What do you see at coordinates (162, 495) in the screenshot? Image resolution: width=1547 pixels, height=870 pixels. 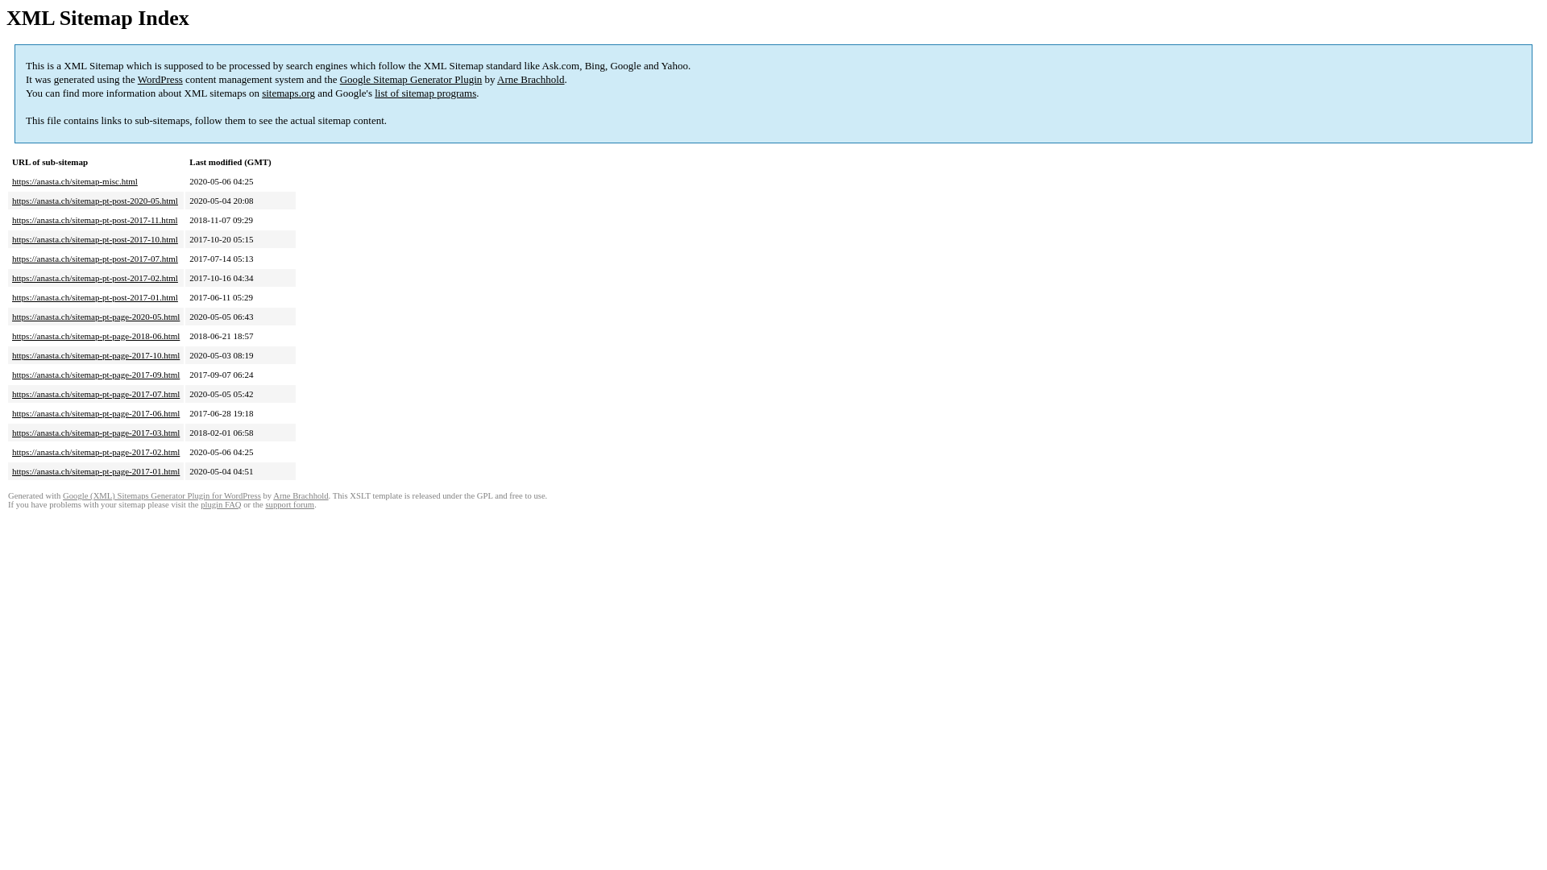 I see `'Google (XML) Sitemaps Generator Plugin for WordPress'` at bounding box center [162, 495].